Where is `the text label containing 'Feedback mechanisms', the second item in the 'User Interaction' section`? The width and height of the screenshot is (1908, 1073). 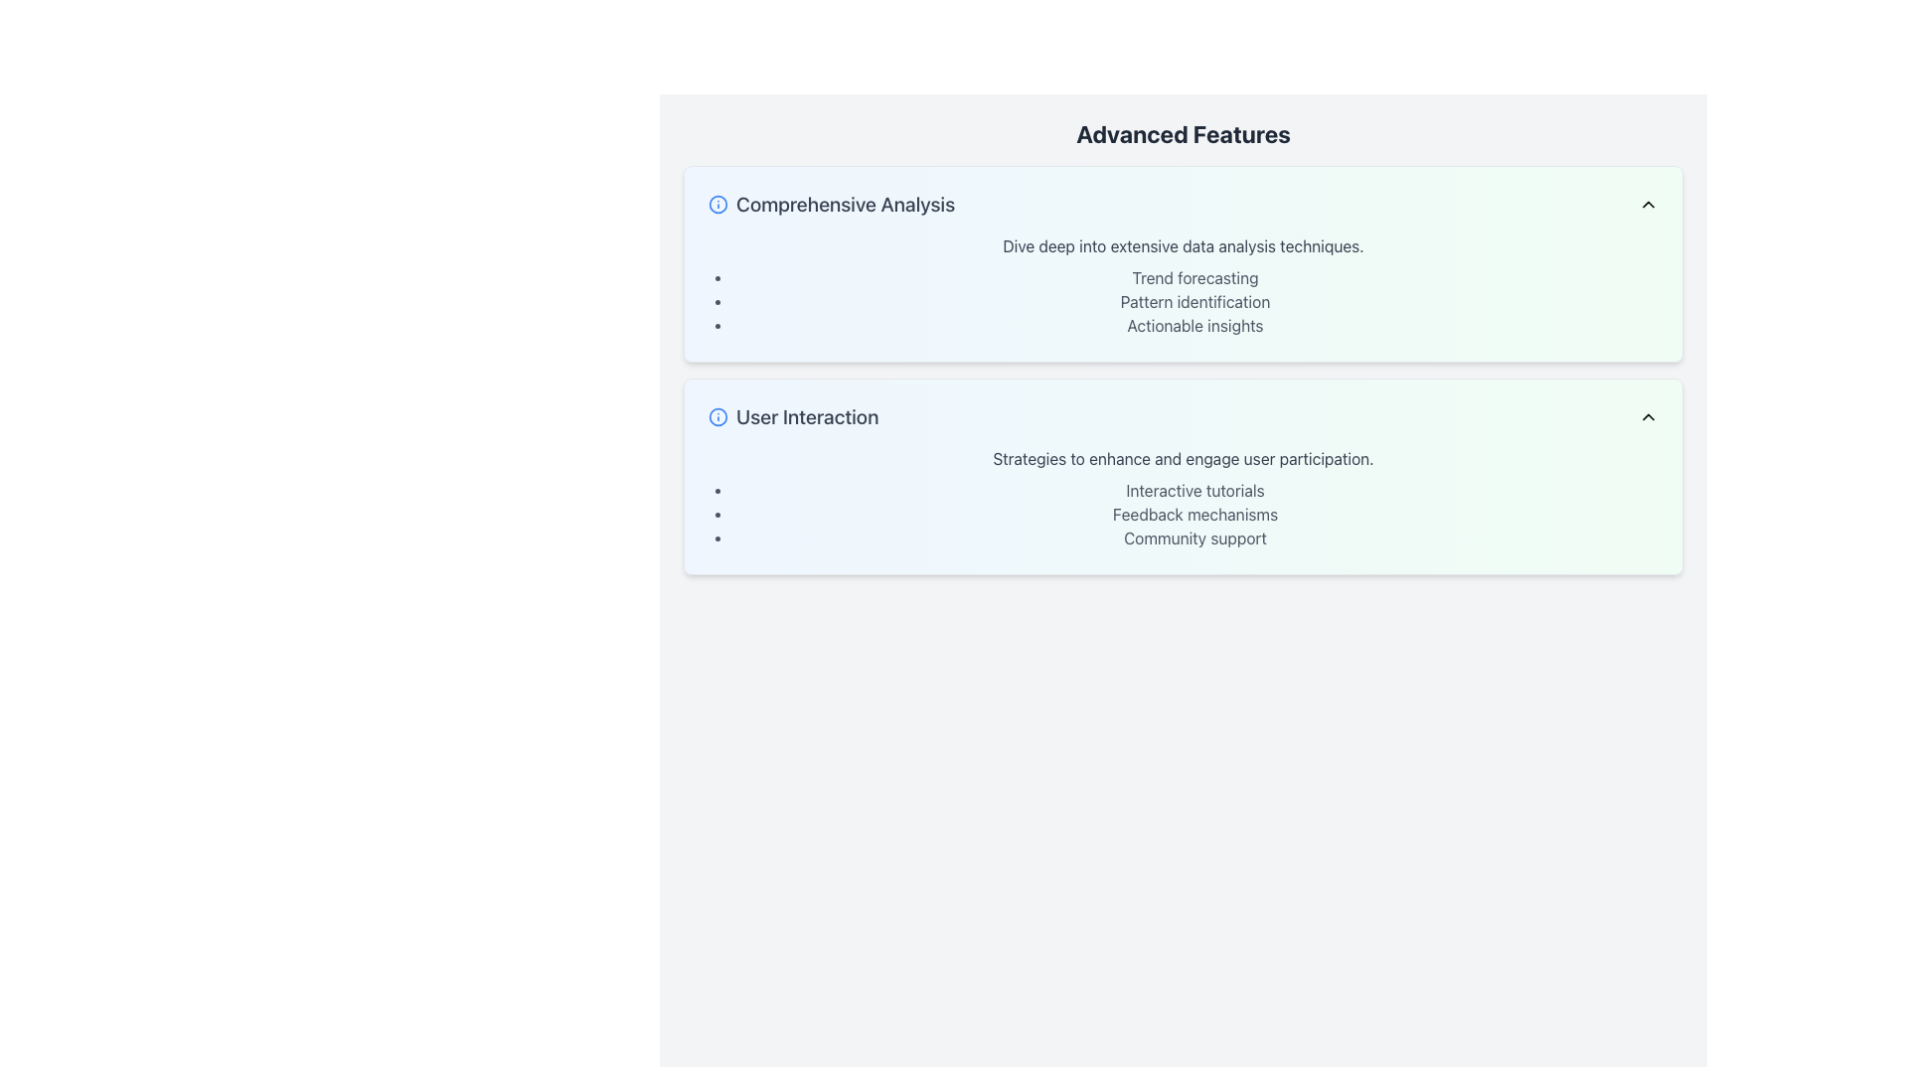
the text label containing 'Feedback mechanisms', the second item in the 'User Interaction' section is located at coordinates (1194, 513).